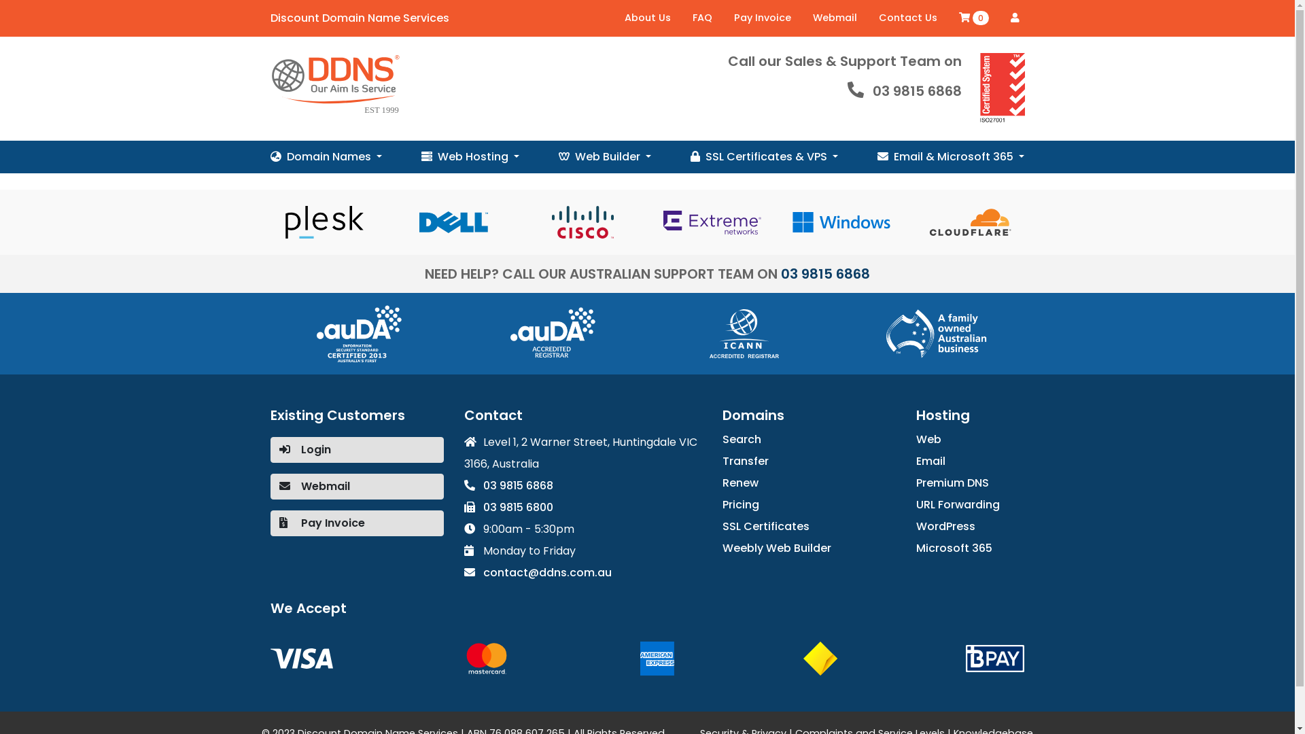 Image resolution: width=1305 pixels, height=734 pixels. What do you see at coordinates (808, 547) in the screenshot?
I see `'Weebly Web Builder'` at bounding box center [808, 547].